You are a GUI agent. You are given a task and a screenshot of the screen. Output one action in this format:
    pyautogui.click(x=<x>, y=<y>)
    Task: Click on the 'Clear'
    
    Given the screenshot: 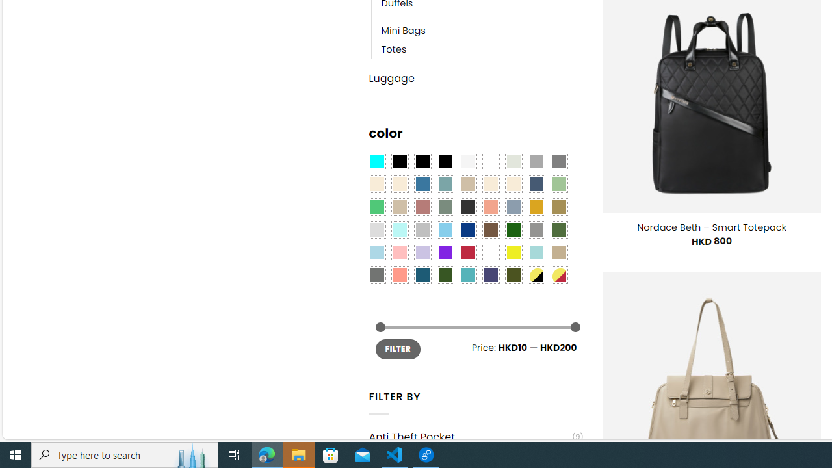 What is the action you would take?
    pyautogui.click(x=490, y=161)
    